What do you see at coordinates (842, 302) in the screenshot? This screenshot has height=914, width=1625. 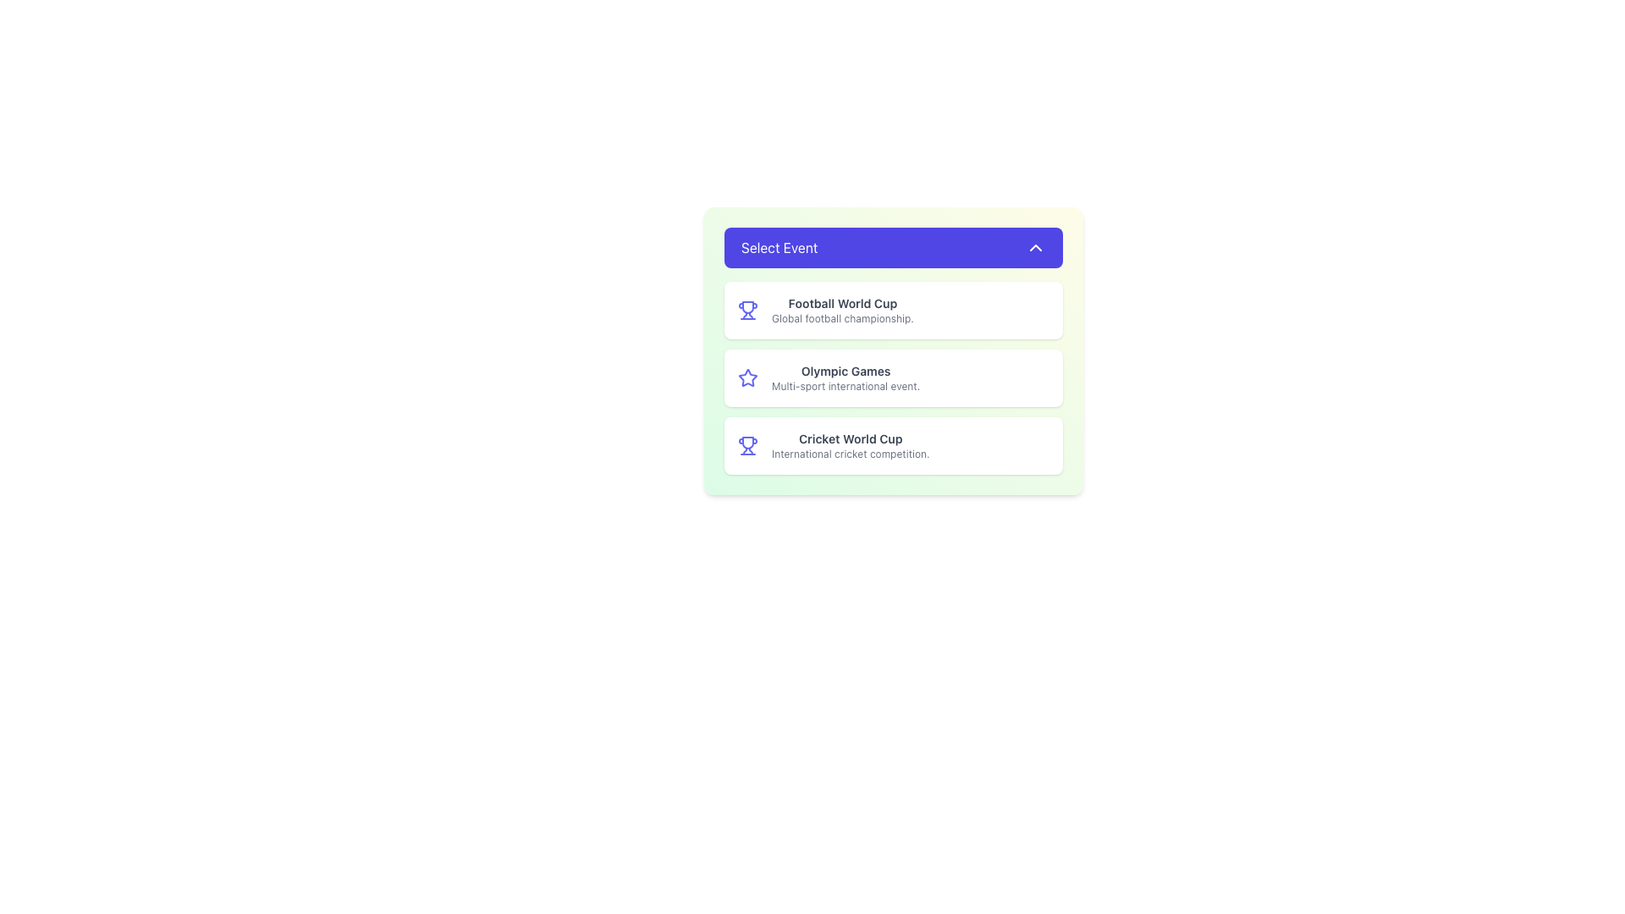 I see `the text label reading 'Football World Cup', which is styled in bold gray font and is the uppermost element in the dropdown card under the header 'Select Event'` at bounding box center [842, 302].